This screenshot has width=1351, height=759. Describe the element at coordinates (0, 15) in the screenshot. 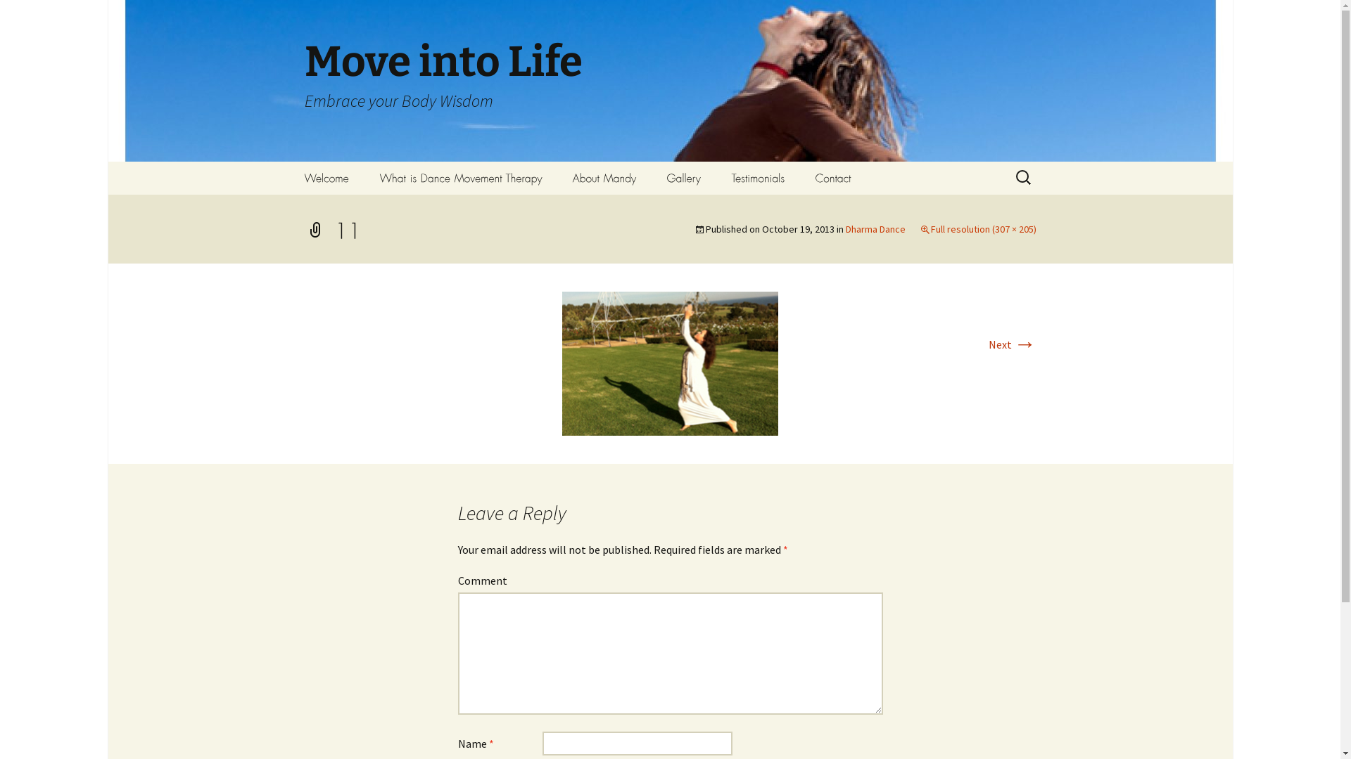

I see `'Search'` at that location.